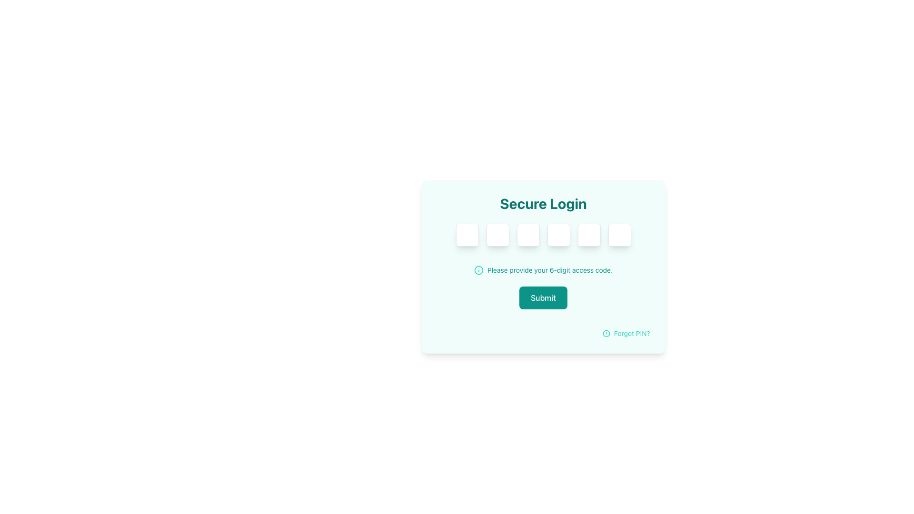 The image size is (914, 514). I want to click on the alert icon related to the 'Forgot PIN?' option located at the bottom right corner of the login form, just left of the text 'Forgot PIN?', so click(606, 333).